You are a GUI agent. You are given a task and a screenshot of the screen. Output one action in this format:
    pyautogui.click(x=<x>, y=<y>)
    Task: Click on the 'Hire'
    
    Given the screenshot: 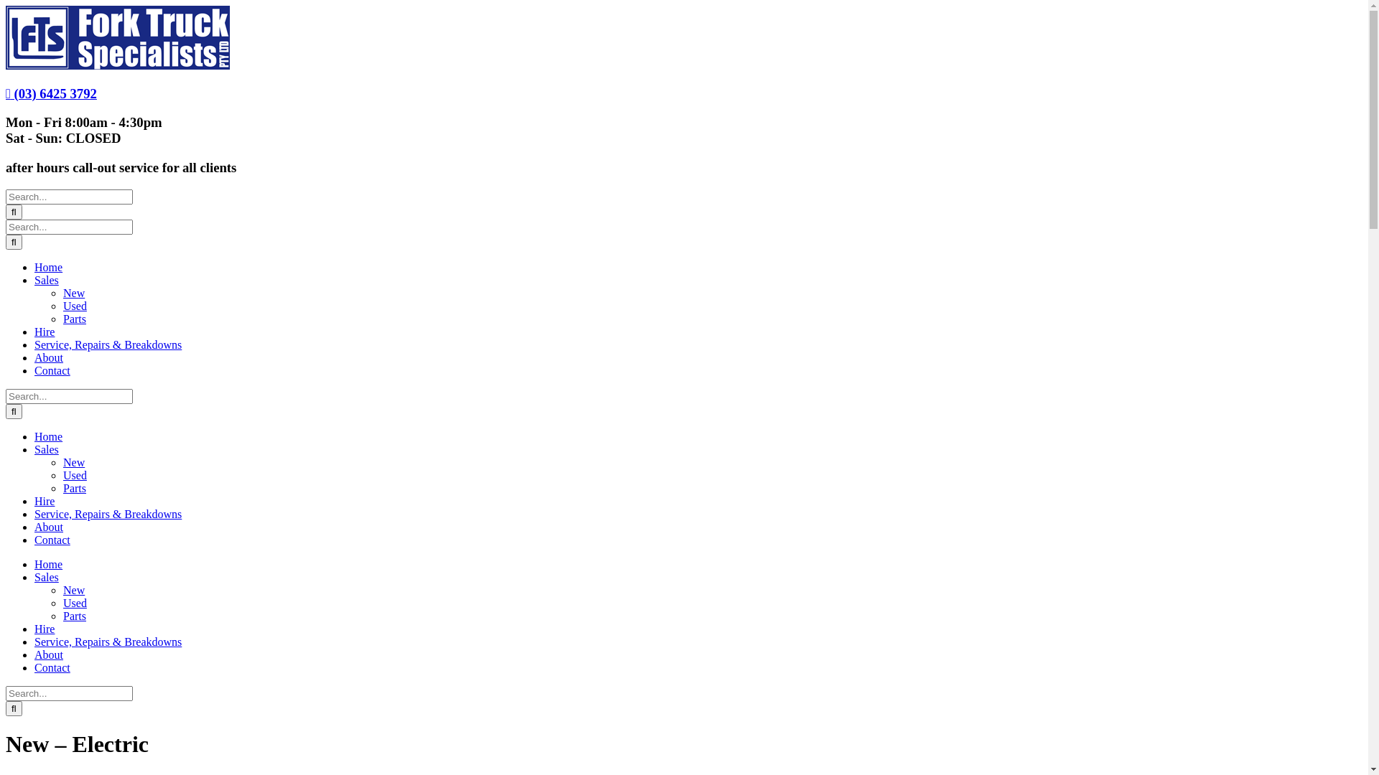 What is the action you would take?
    pyautogui.click(x=45, y=332)
    